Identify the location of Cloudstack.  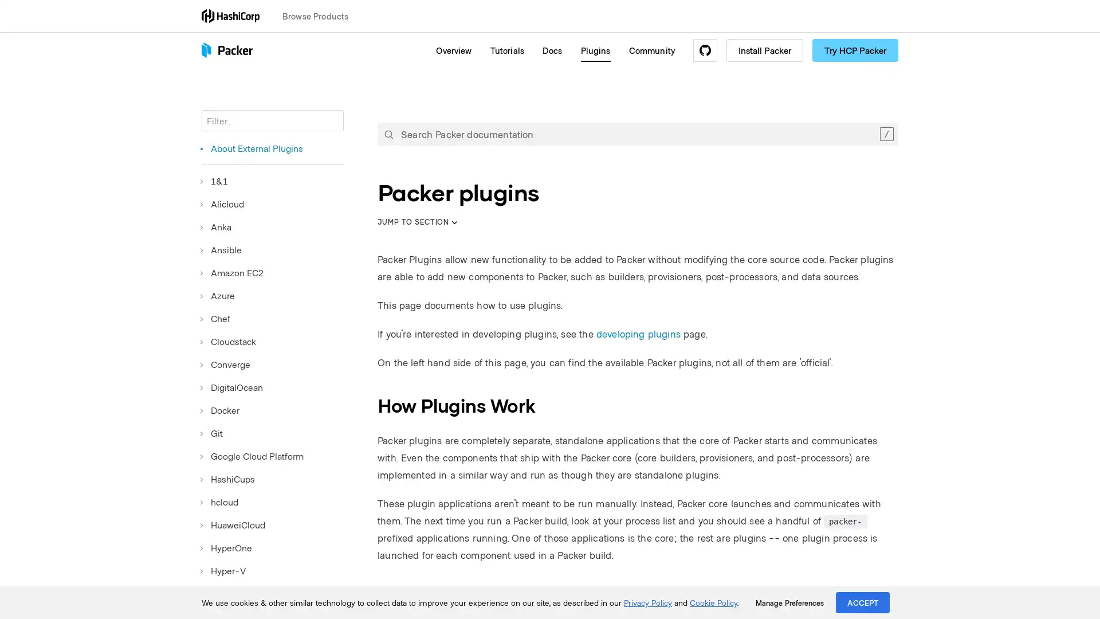
(229, 341).